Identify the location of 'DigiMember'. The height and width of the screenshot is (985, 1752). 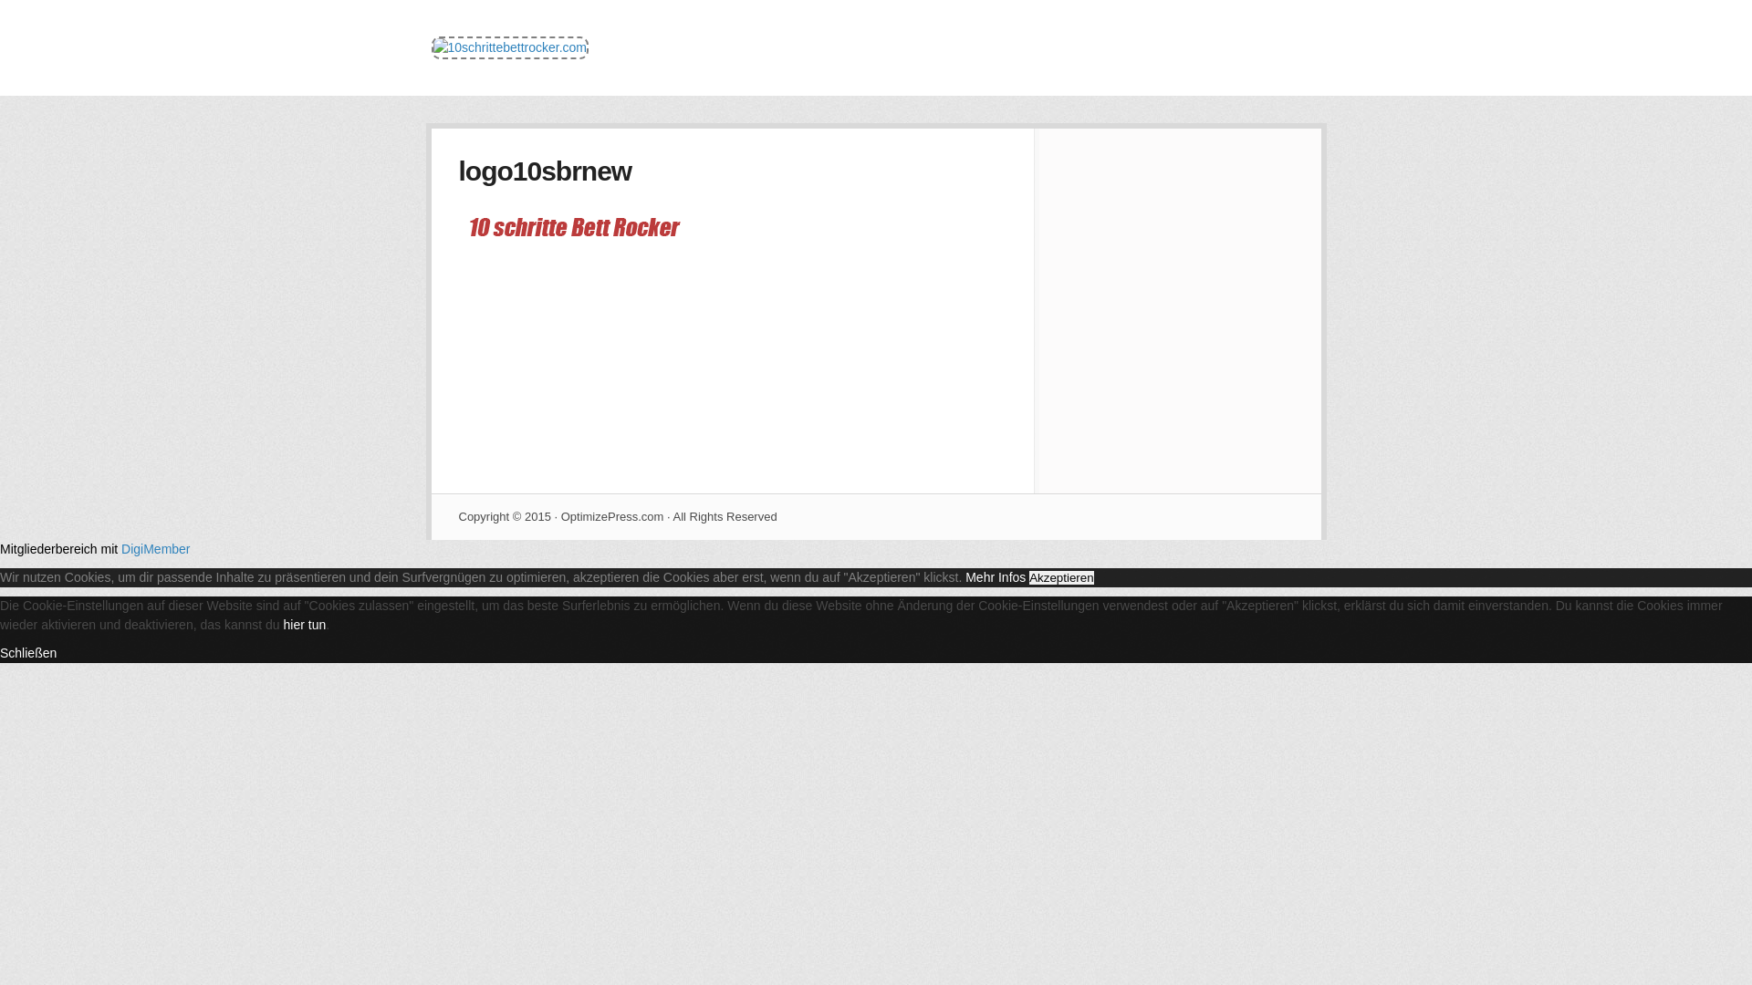
(155, 547).